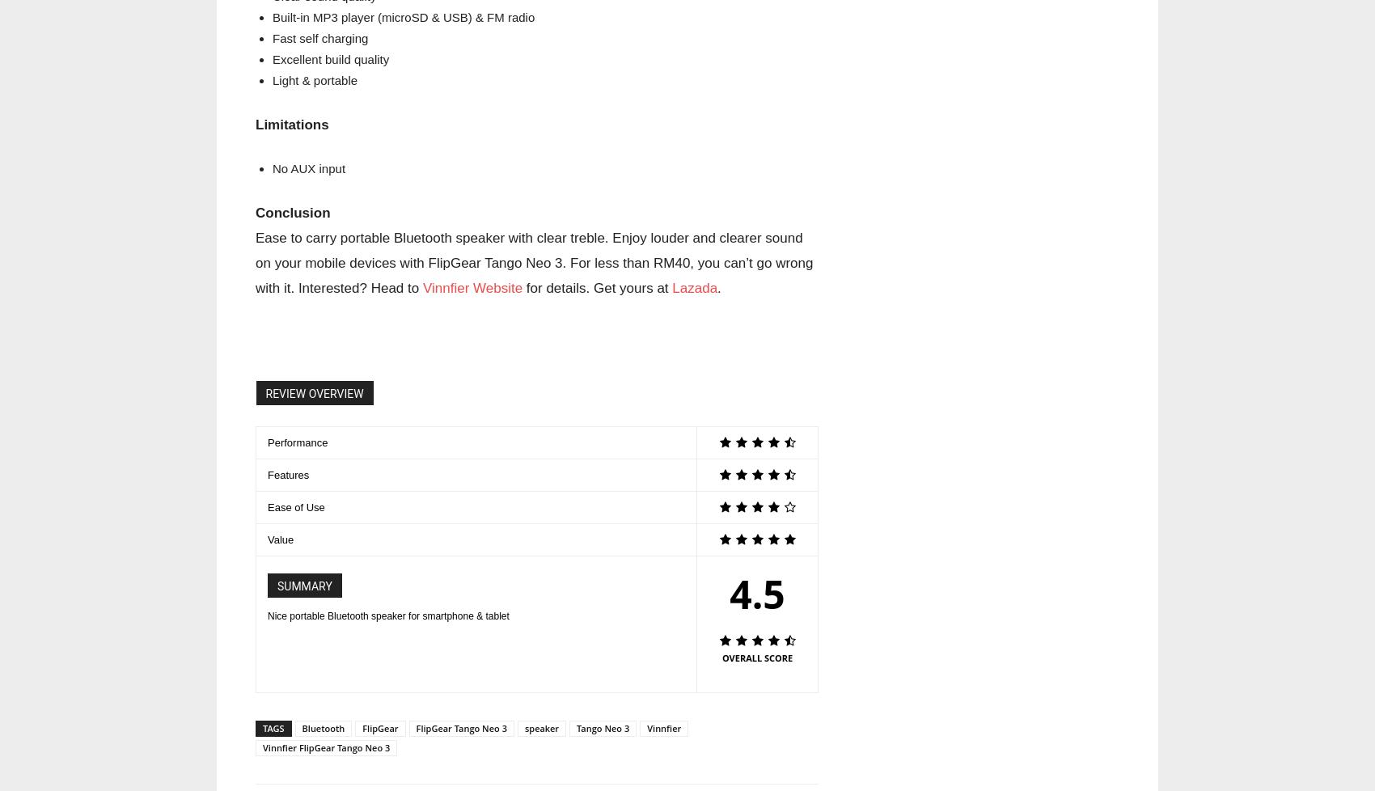 The height and width of the screenshot is (791, 1375). What do you see at coordinates (388, 615) in the screenshot?
I see `'Nice portable Bluetooth speaker for smartphone & tablet'` at bounding box center [388, 615].